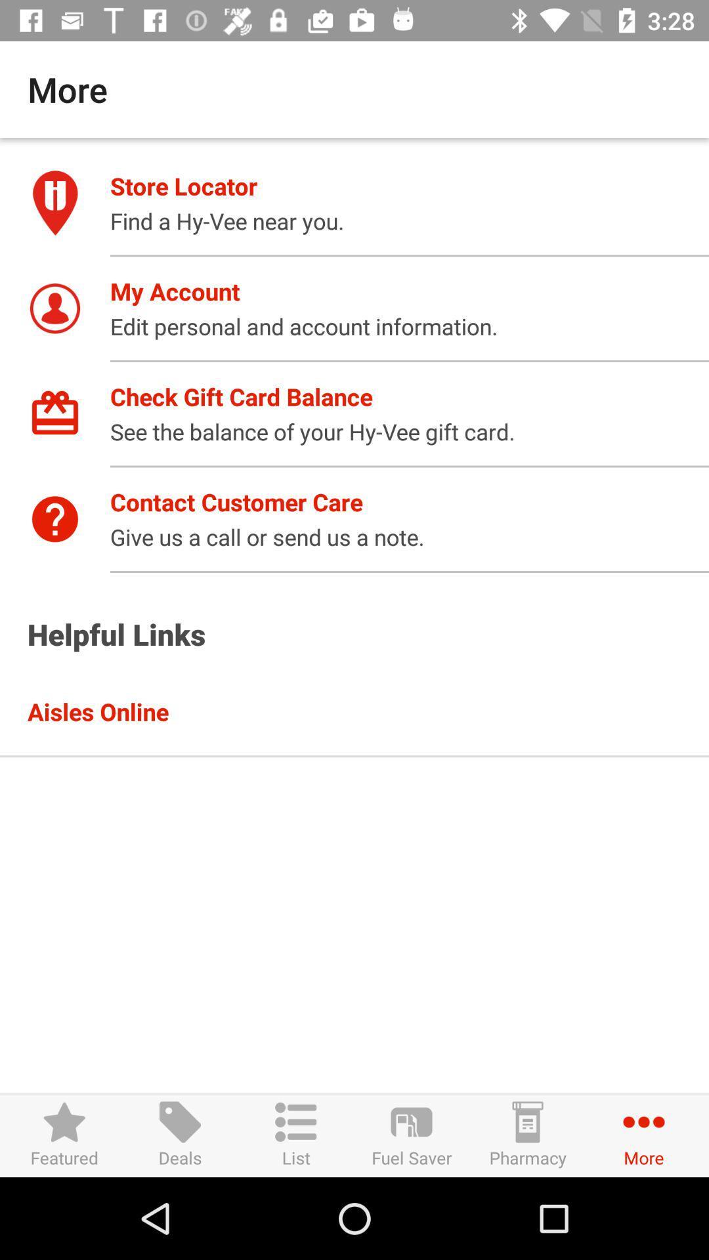 The height and width of the screenshot is (1260, 709). Describe the element at coordinates (526, 1135) in the screenshot. I see `item next to fuel saver icon` at that location.